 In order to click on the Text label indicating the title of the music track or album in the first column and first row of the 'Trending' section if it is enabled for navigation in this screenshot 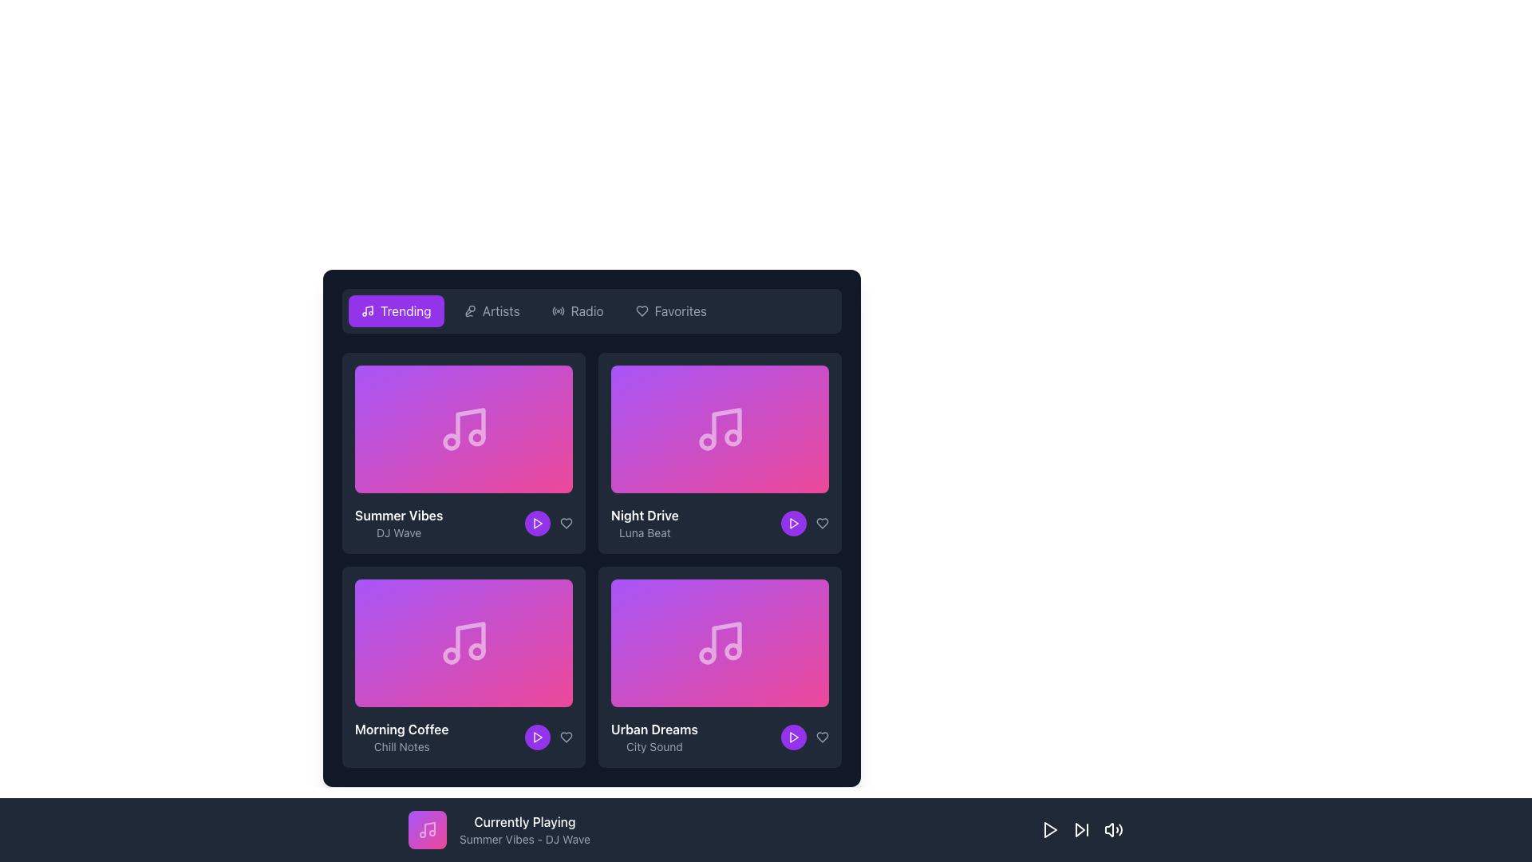, I will do `click(399, 515)`.